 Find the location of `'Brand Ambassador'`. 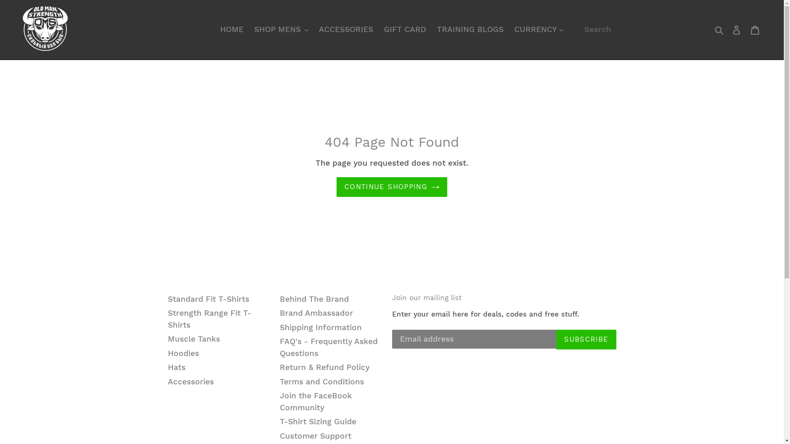

'Brand Ambassador' is located at coordinates (316, 313).